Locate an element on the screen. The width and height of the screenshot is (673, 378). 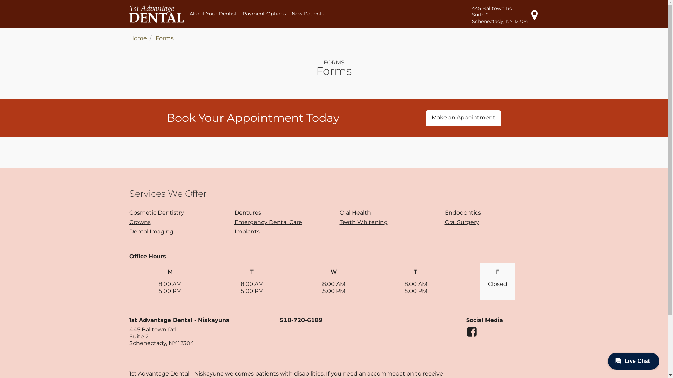
'445 Balltown Rd is located at coordinates (505, 15).